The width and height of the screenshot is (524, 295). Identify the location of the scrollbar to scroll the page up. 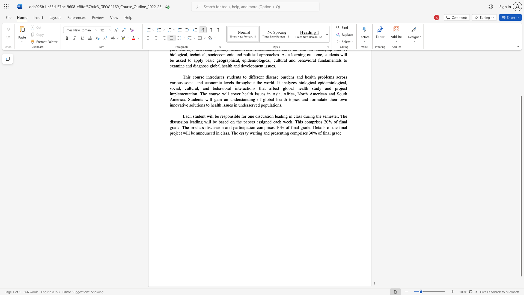
(521, 57).